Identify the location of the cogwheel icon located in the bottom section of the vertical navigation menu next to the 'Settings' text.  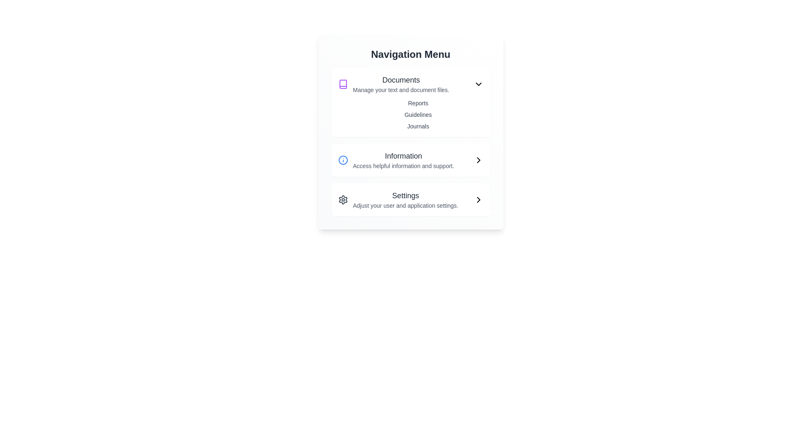
(343, 199).